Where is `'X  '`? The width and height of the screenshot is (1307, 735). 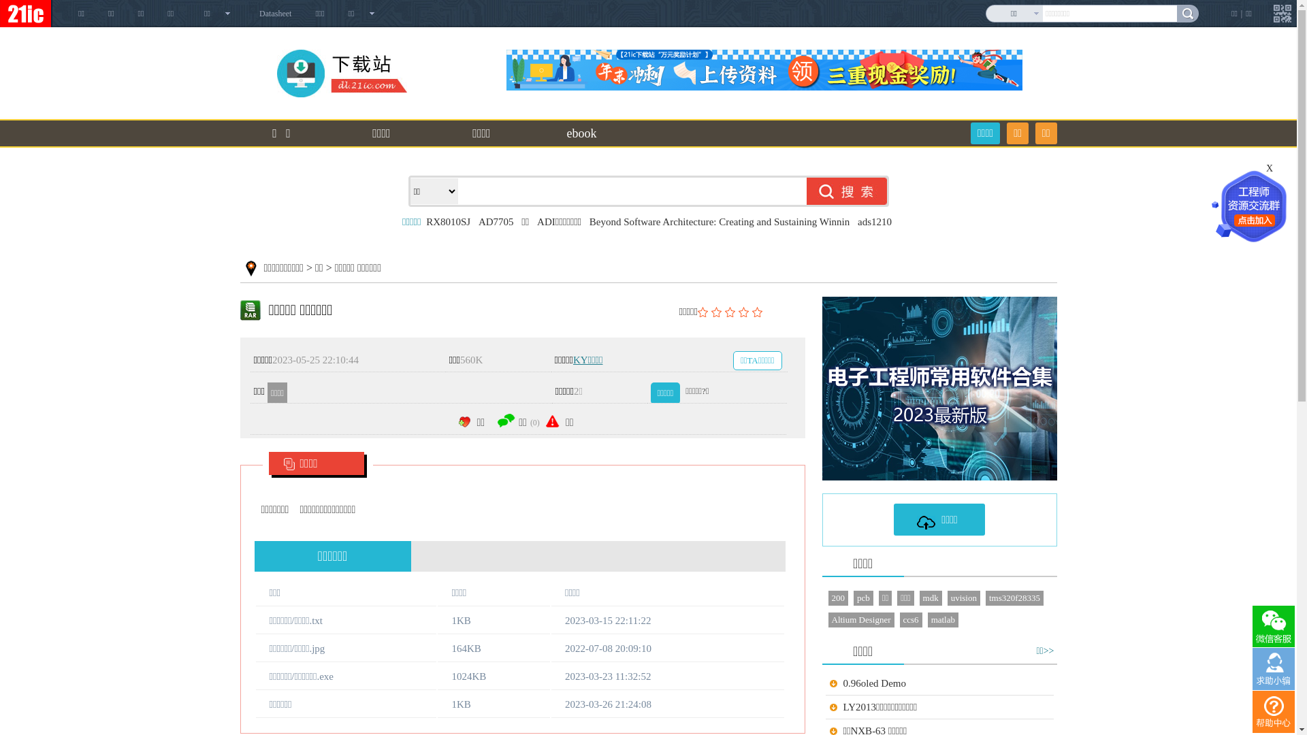 'X  ' is located at coordinates (1265, 167).